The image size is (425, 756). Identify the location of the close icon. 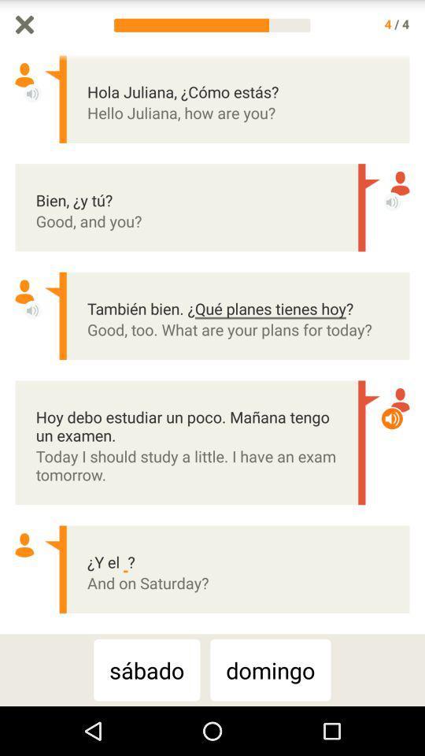
(24, 25).